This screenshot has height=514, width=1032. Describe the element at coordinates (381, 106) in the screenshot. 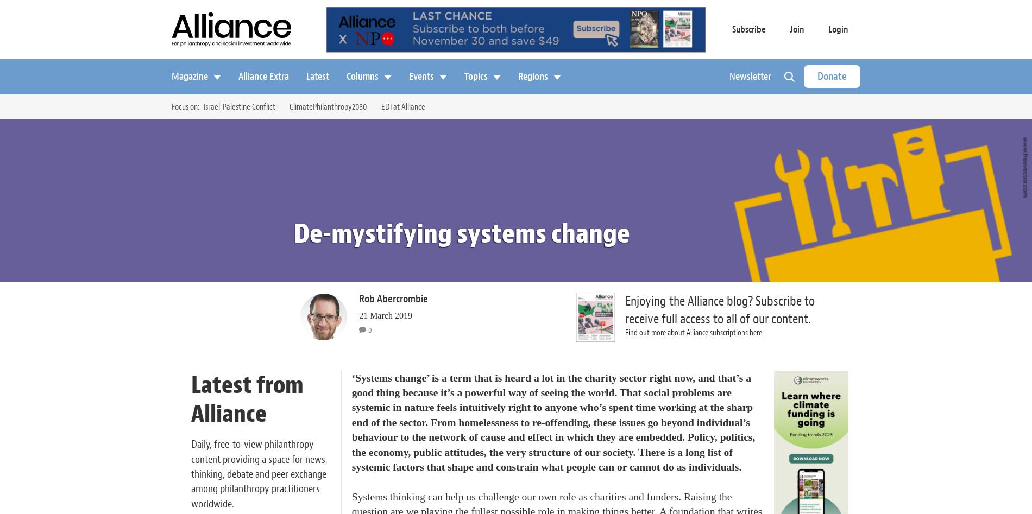

I see `'EDI at Alliance'` at that location.